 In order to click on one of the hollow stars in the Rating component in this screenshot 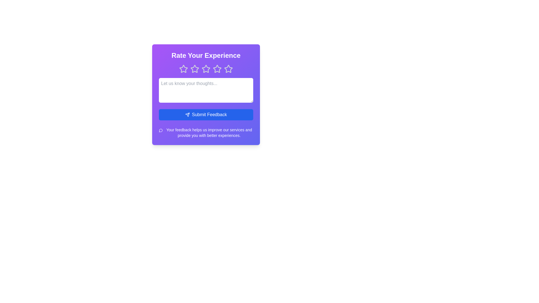, I will do `click(206, 69)`.